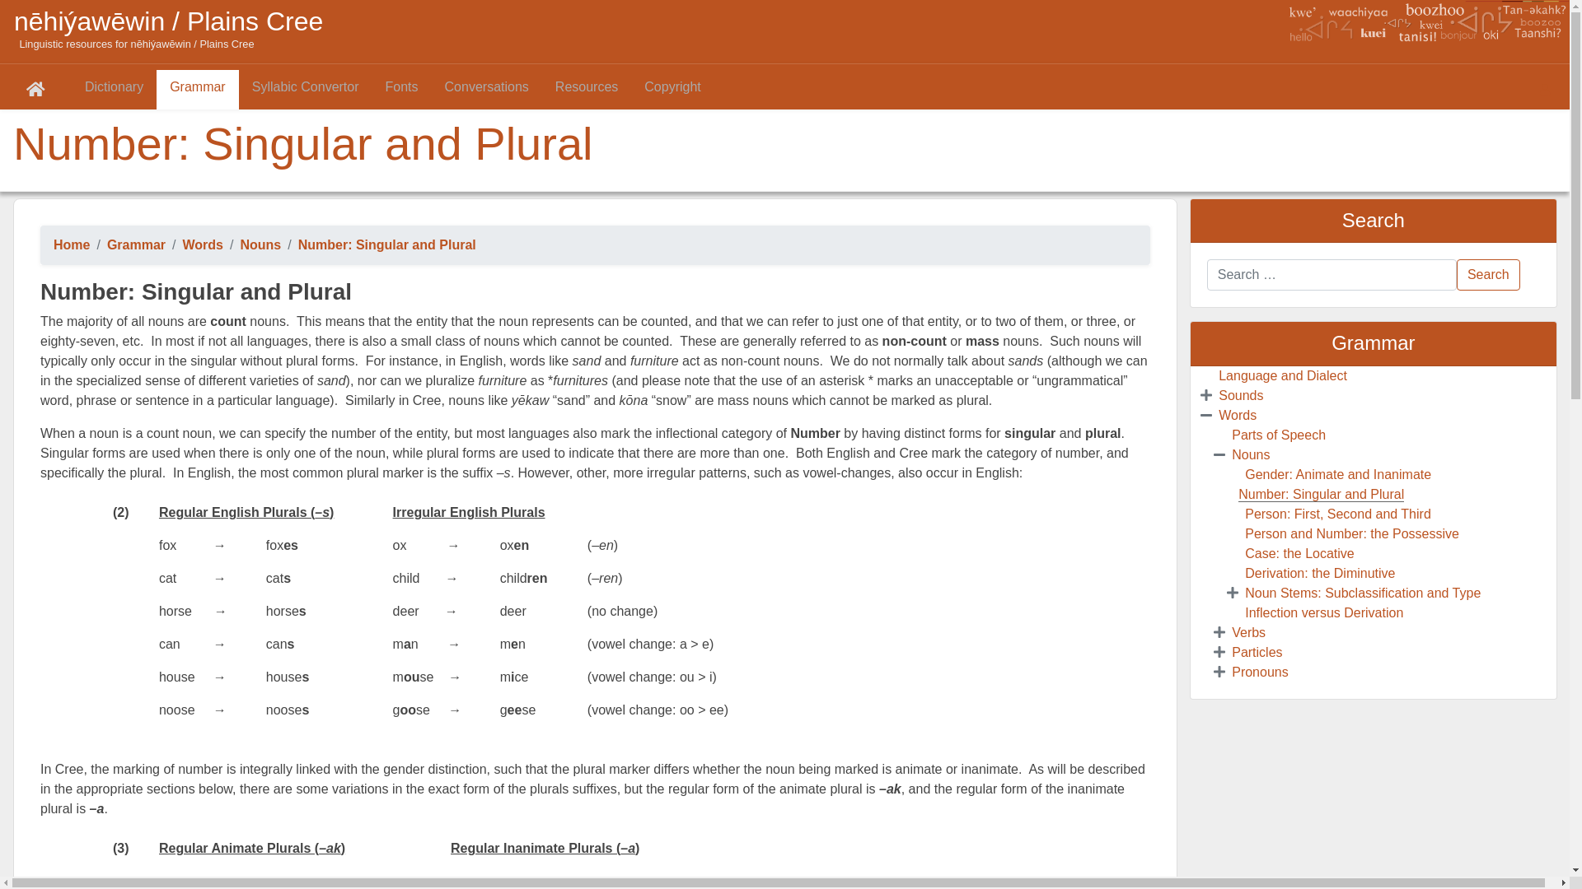 This screenshot has width=1582, height=889. What do you see at coordinates (1337, 474) in the screenshot?
I see `'Gender: Animate and Inanimate'` at bounding box center [1337, 474].